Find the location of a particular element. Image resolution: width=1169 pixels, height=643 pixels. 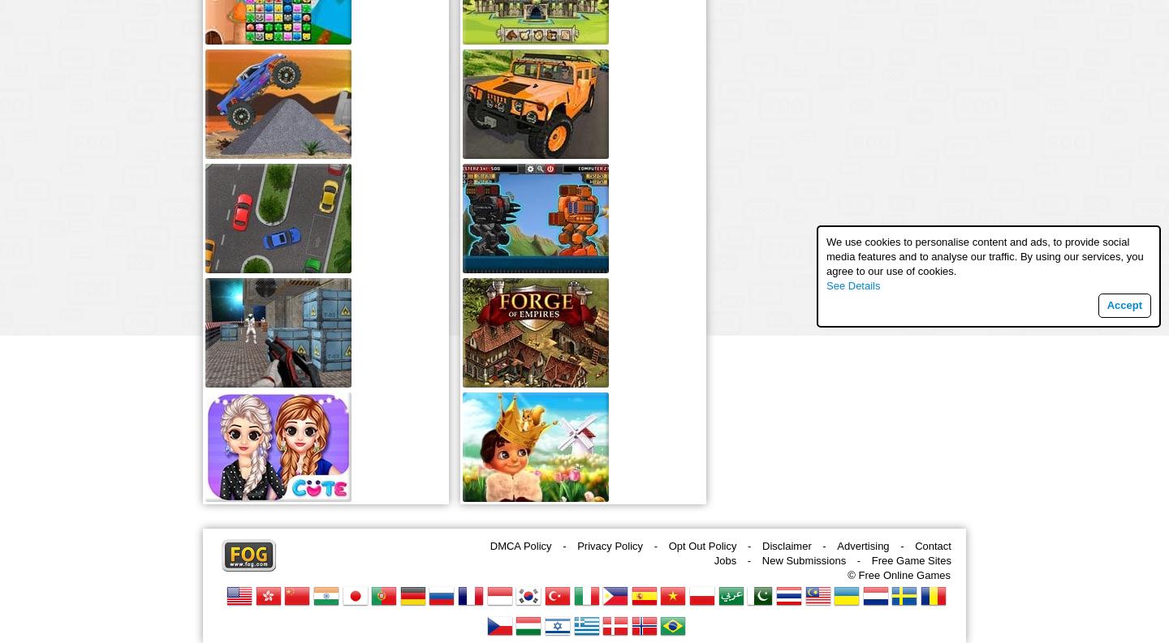

'We use cookies to personalise content and ads, to provide social media features and to analyse our traffic. By using our services, you agree to our use of cookies.' is located at coordinates (984, 256).